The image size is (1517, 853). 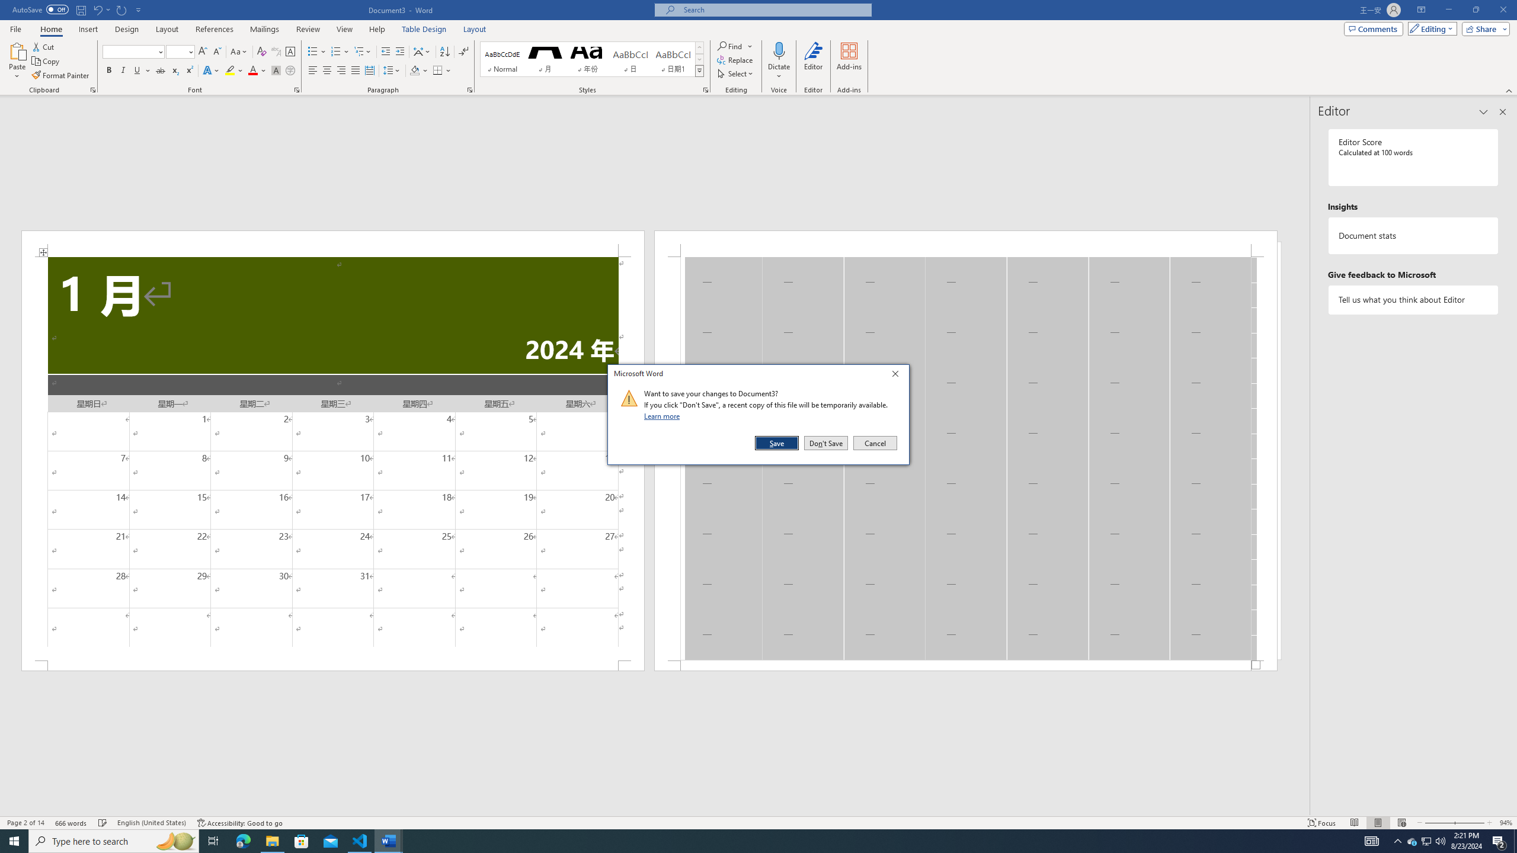 What do you see at coordinates (825, 442) in the screenshot?
I see `'Don'` at bounding box center [825, 442].